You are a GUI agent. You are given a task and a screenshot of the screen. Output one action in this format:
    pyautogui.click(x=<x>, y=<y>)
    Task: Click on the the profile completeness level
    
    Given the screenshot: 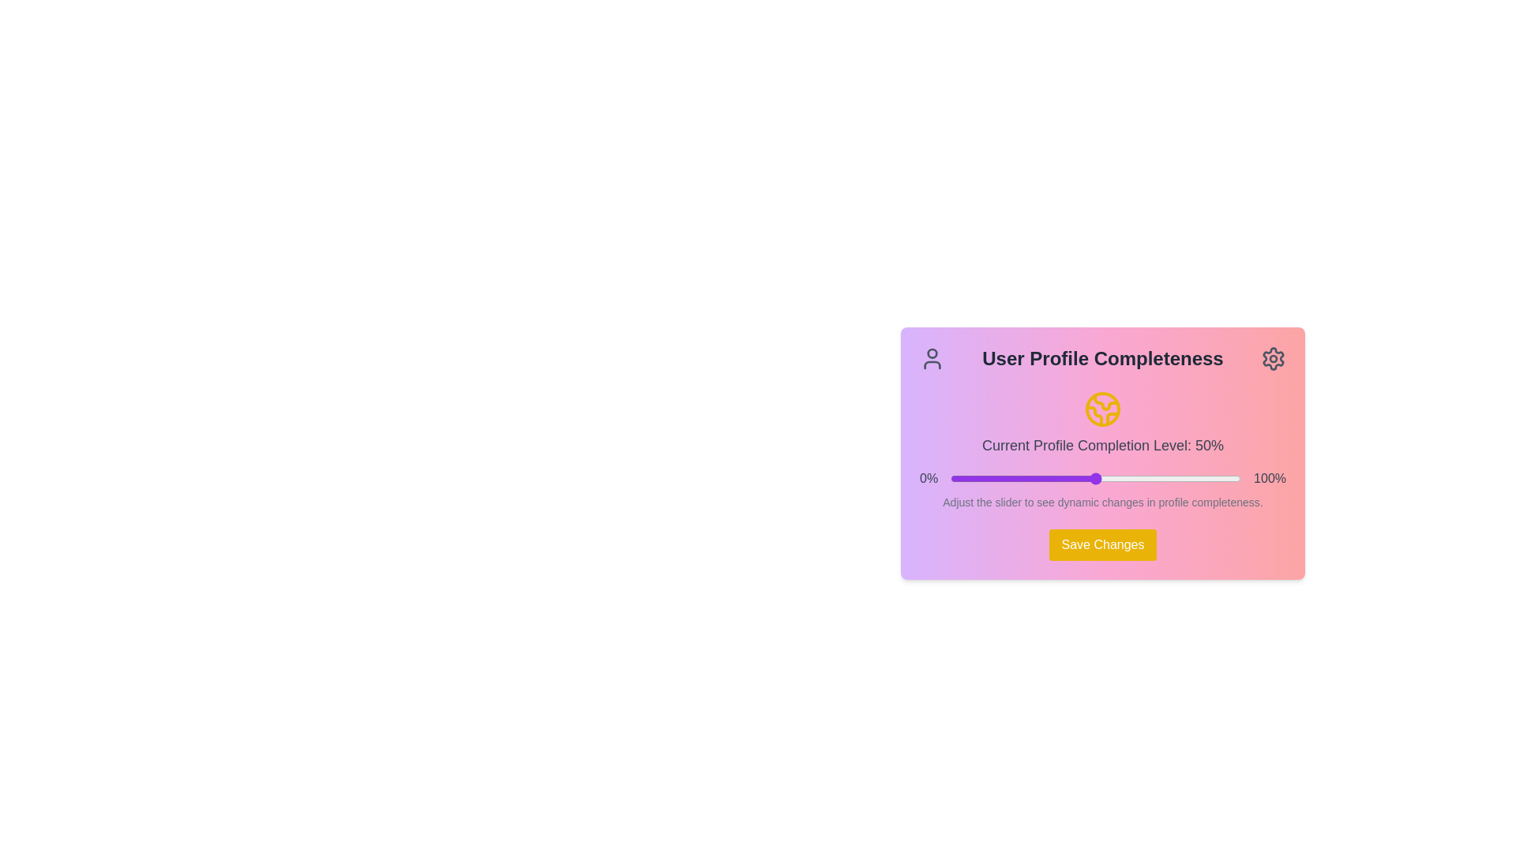 What is the action you would take?
    pyautogui.click(x=1165, y=477)
    